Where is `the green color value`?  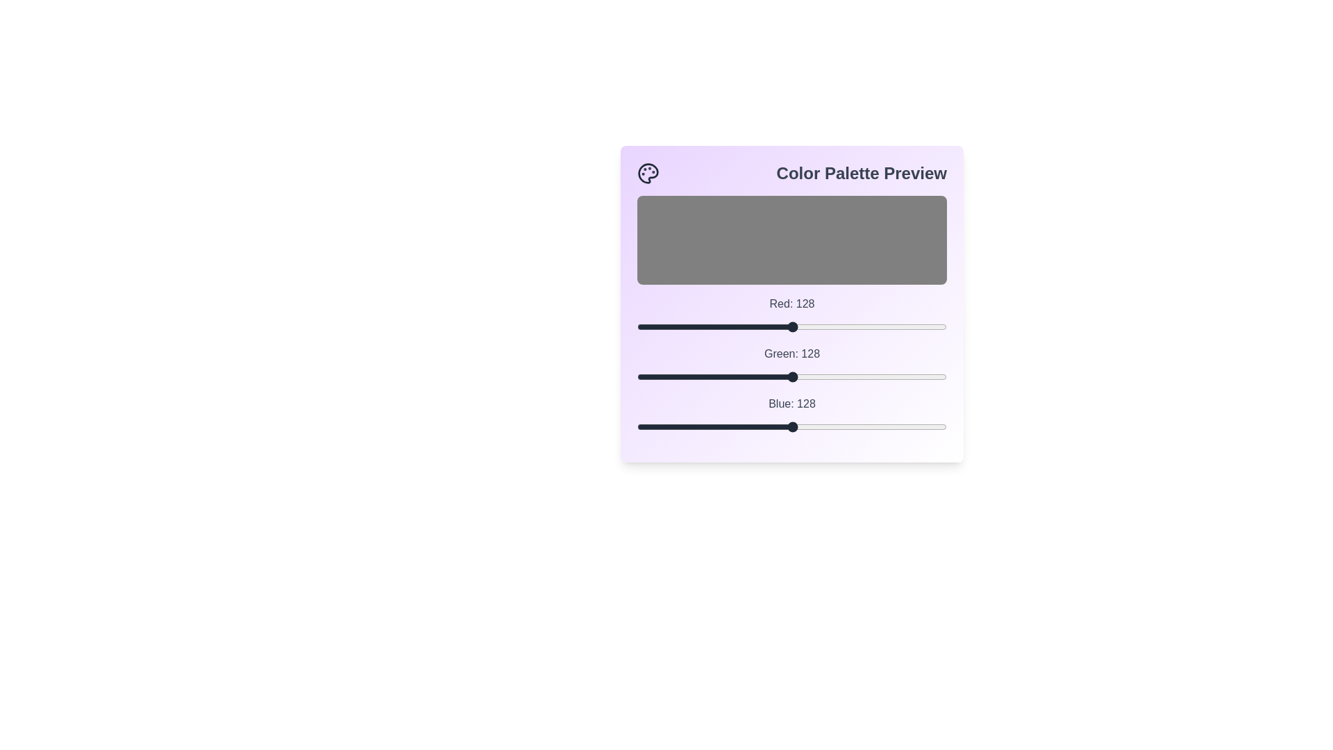
the green color value is located at coordinates (721, 377).